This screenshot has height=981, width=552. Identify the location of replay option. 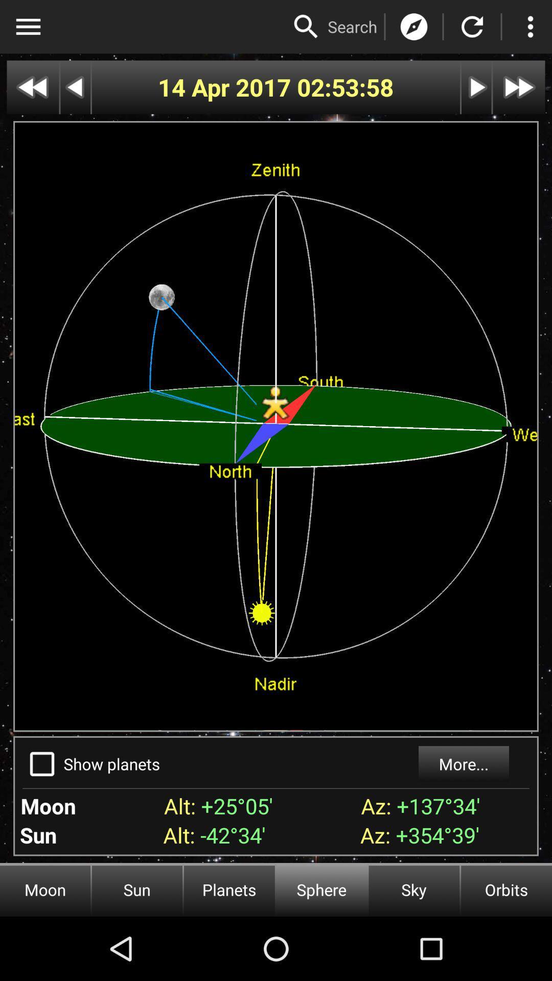
(472, 27).